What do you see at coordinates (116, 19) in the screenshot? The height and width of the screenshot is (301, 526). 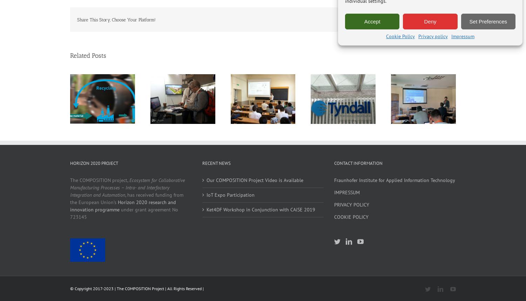 I see `'Share This Story, Choose Your Platform!'` at bounding box center [116, 19].